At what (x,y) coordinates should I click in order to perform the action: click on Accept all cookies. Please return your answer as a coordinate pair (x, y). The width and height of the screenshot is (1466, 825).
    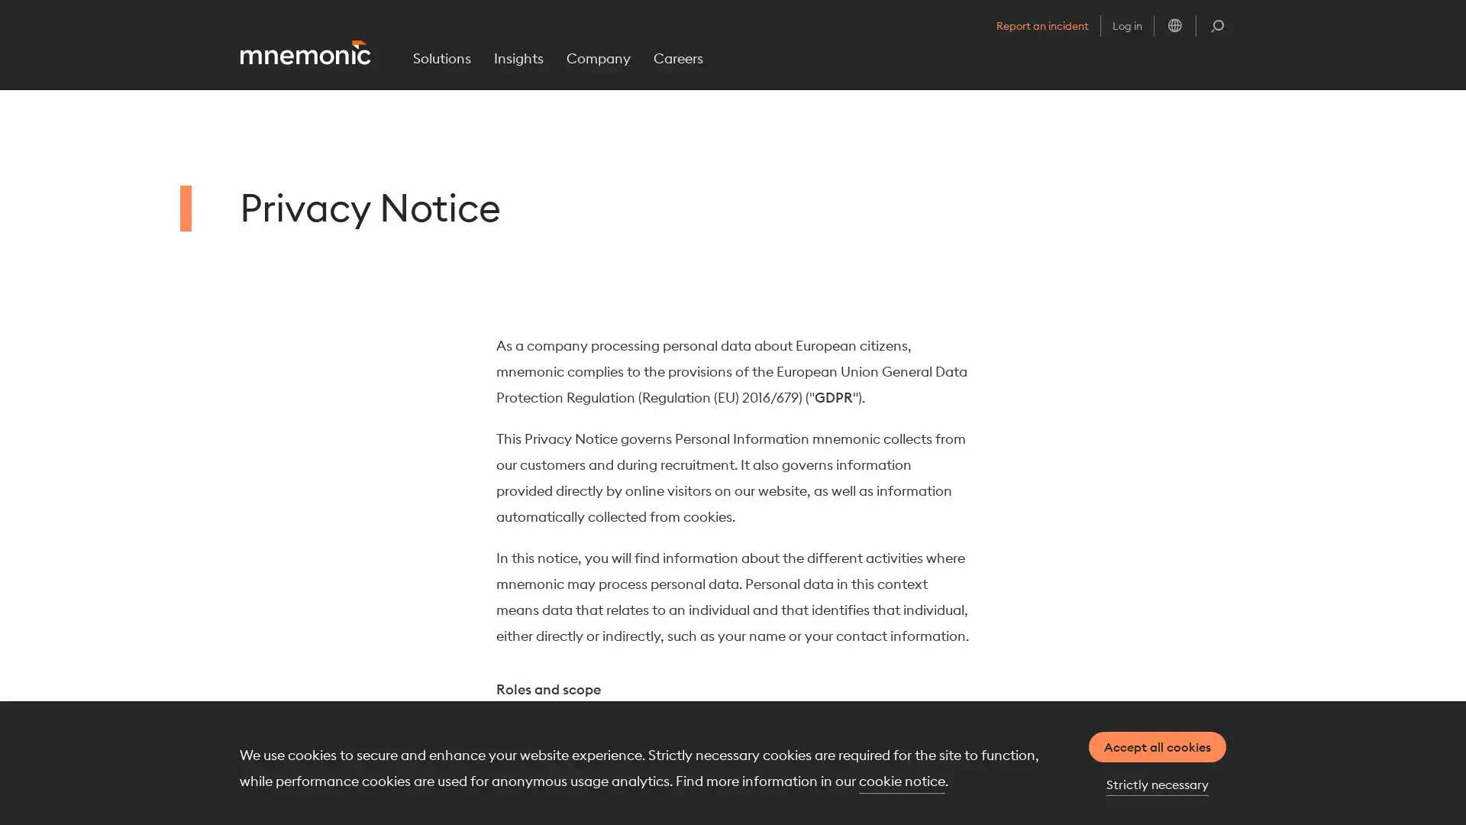
    Looking at the image, I should click on (1158, 746).